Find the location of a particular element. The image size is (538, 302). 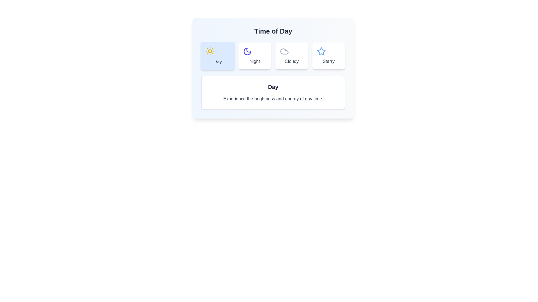

the tab labeled Night is located at coordinates (254, 56).